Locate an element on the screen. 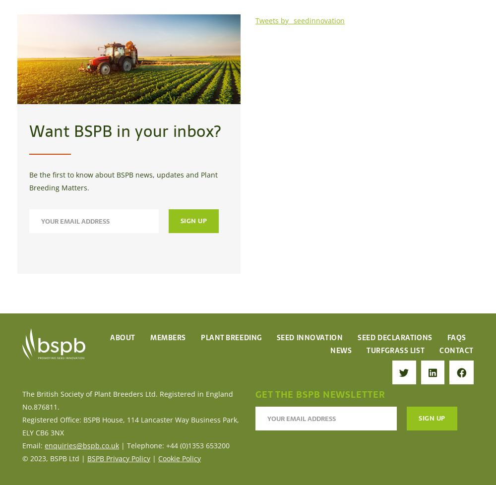 This screenshot has height=485, width=496. 'Registered Office: BSPB House, 114 Lancaster Way Business Park, ELY CB6 3NX' is located at coordinates (130, 425).